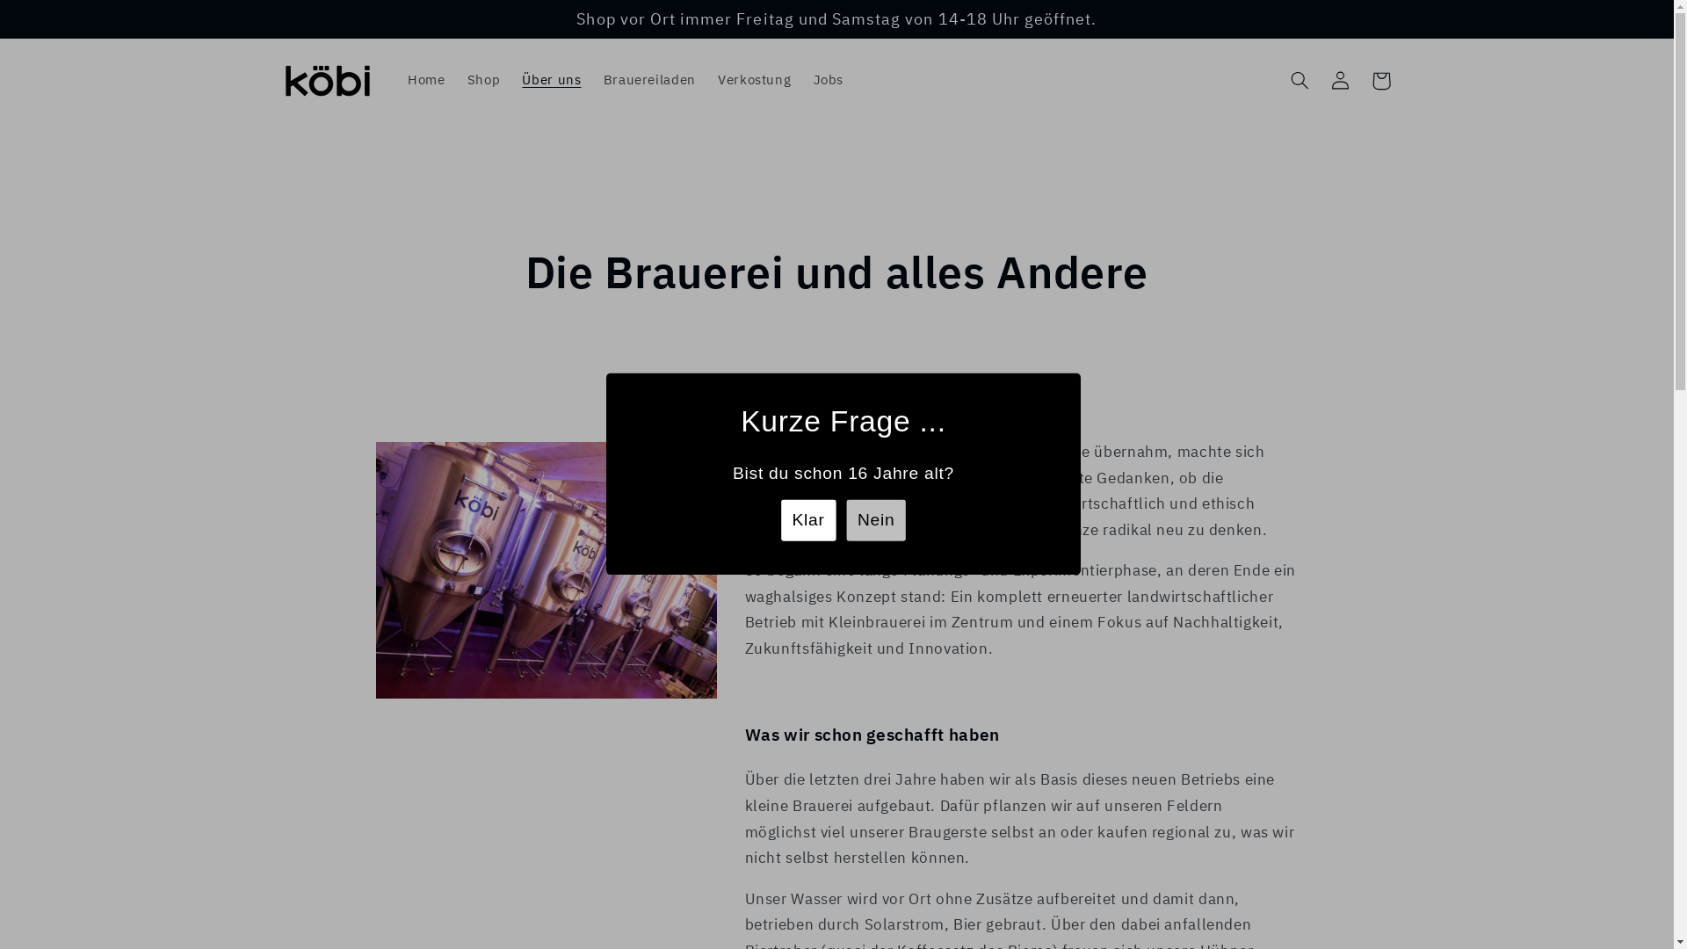  I want to click on 'Warenkorb', so click(1360, 81).